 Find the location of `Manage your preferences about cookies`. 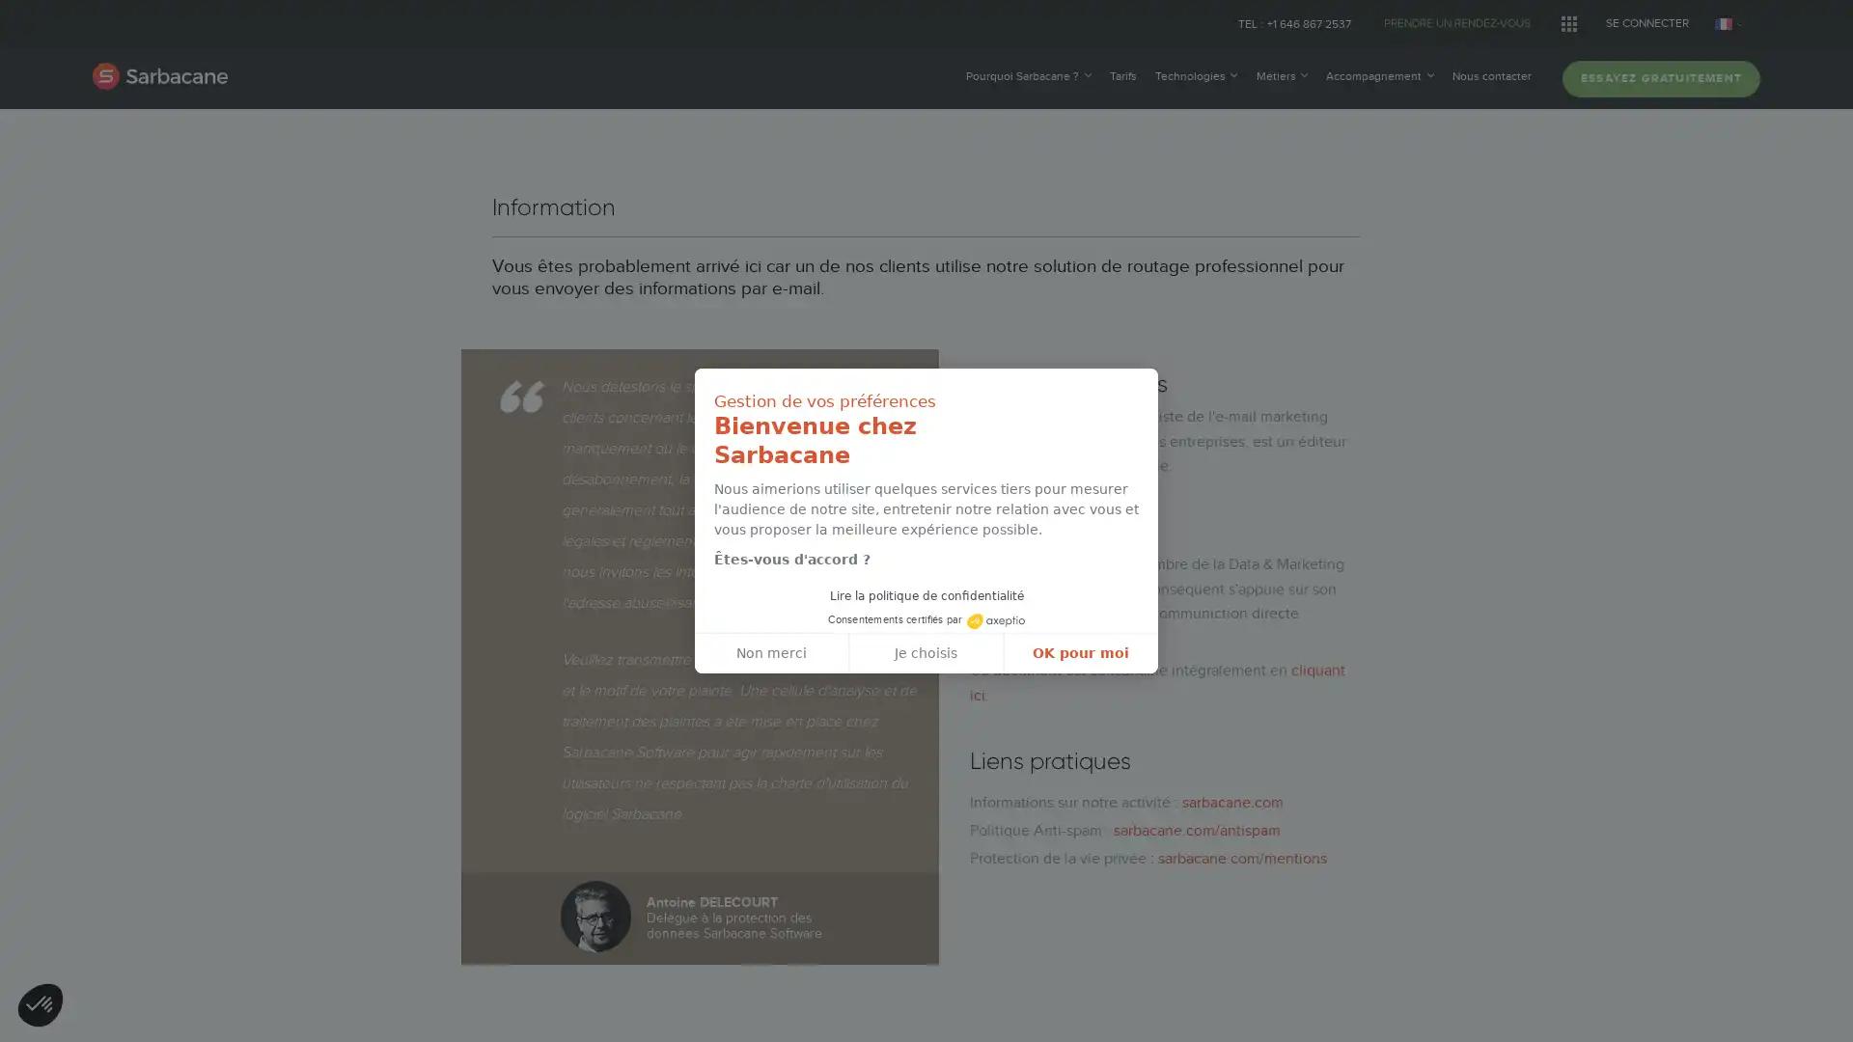

Manage your preferences about cookies is located at coordinates (41, 1005).